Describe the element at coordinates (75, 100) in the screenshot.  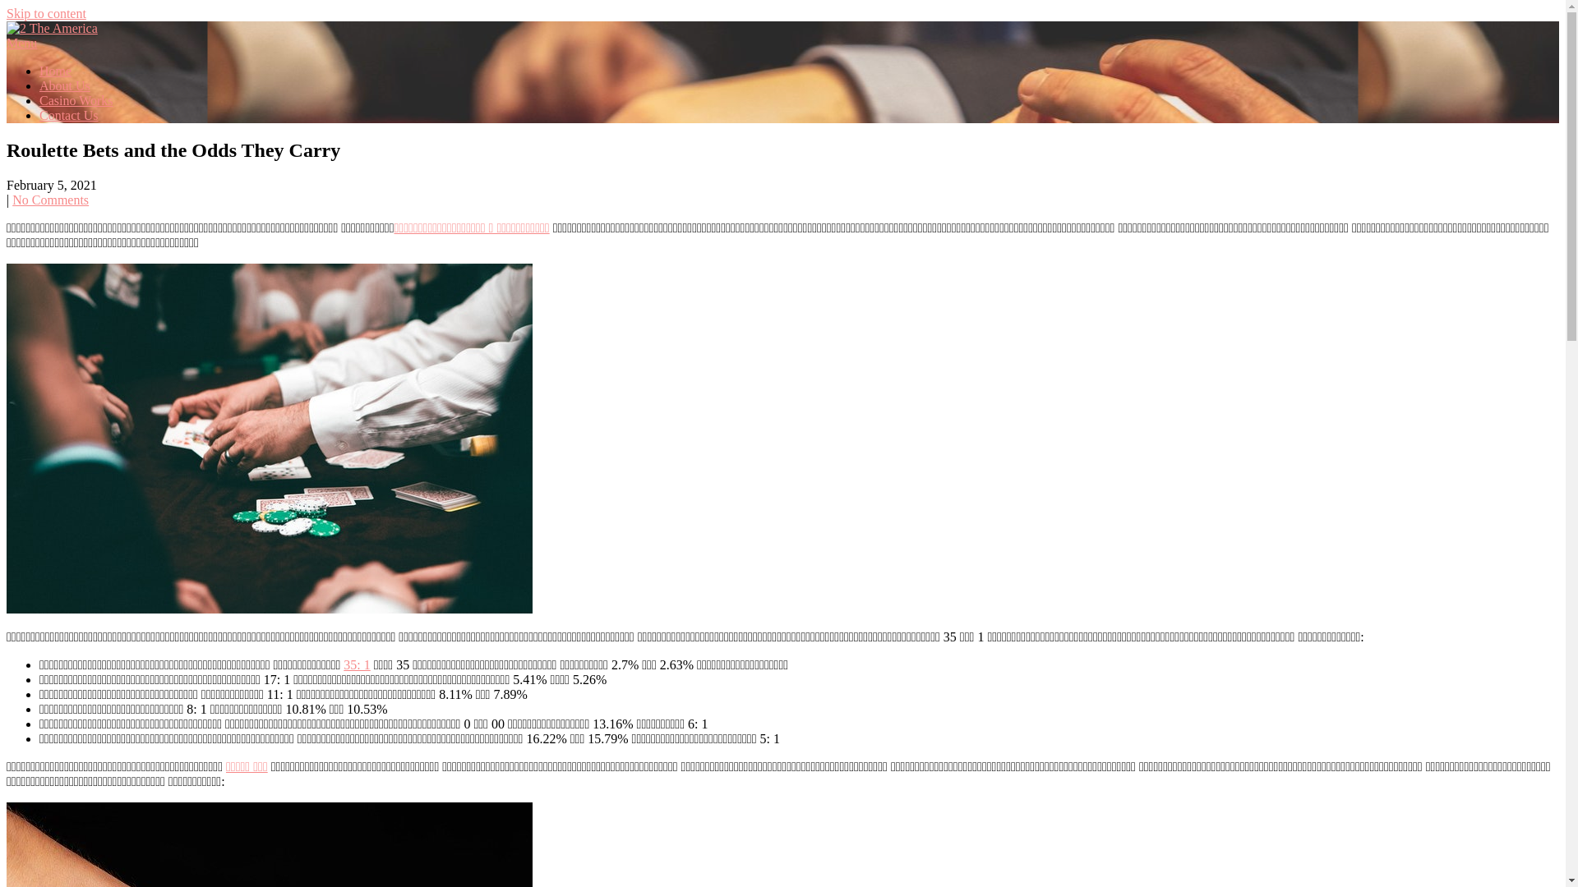
I see `'Casino Works'` at that location.